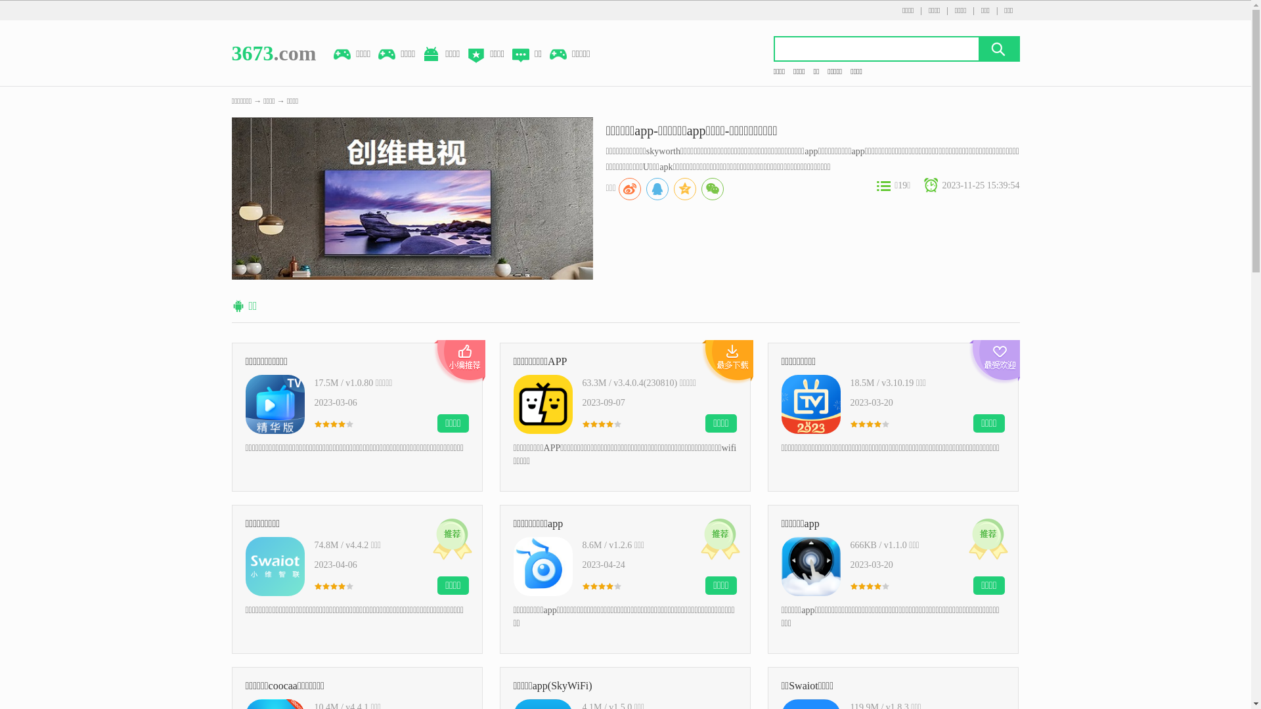 This screenshot has height=709, width=1261. I want to click on '3673.com', so click(231, 53).